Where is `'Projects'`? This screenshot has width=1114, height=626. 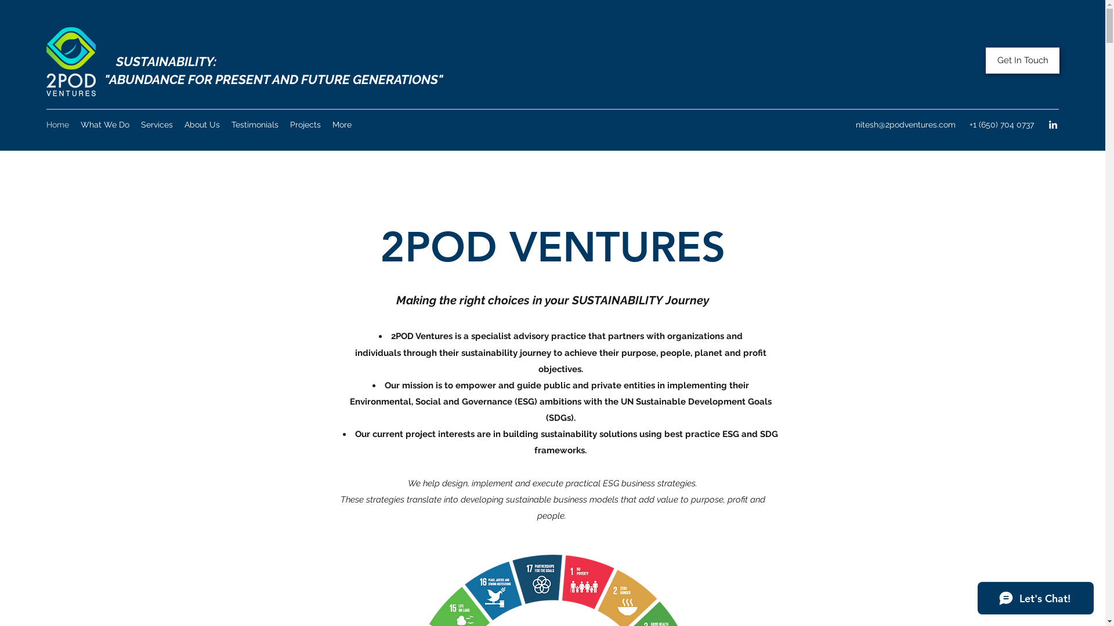
'Projects' is located at coordinates (305, 125).